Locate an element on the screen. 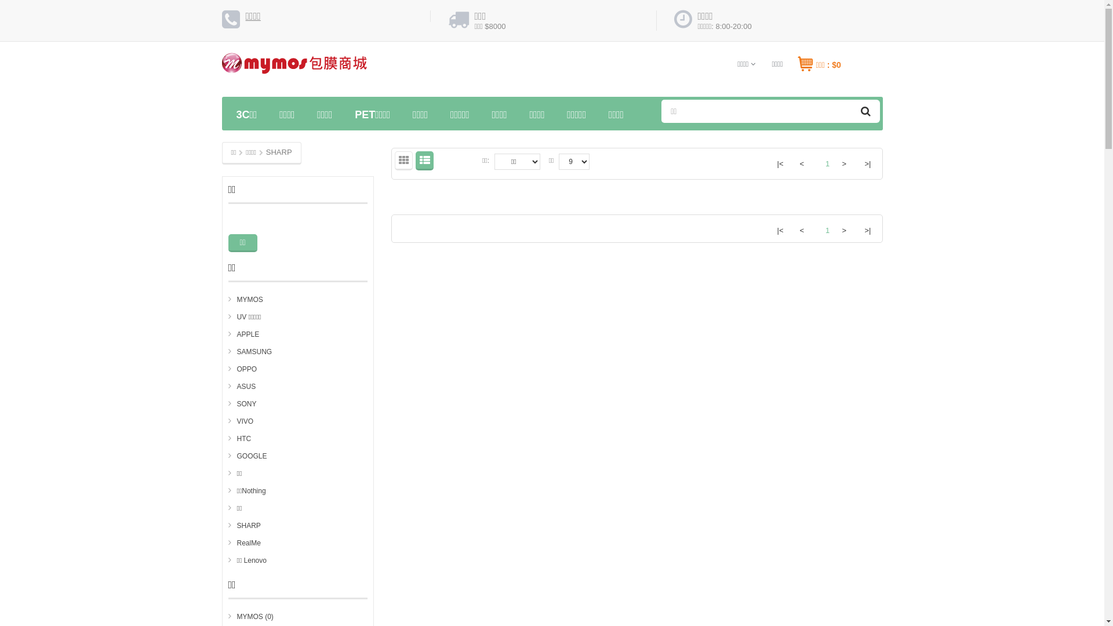 The height and width of the screenshot is (626, 1113). 'MYMOS (0)' is located at coordinates (250, 616).